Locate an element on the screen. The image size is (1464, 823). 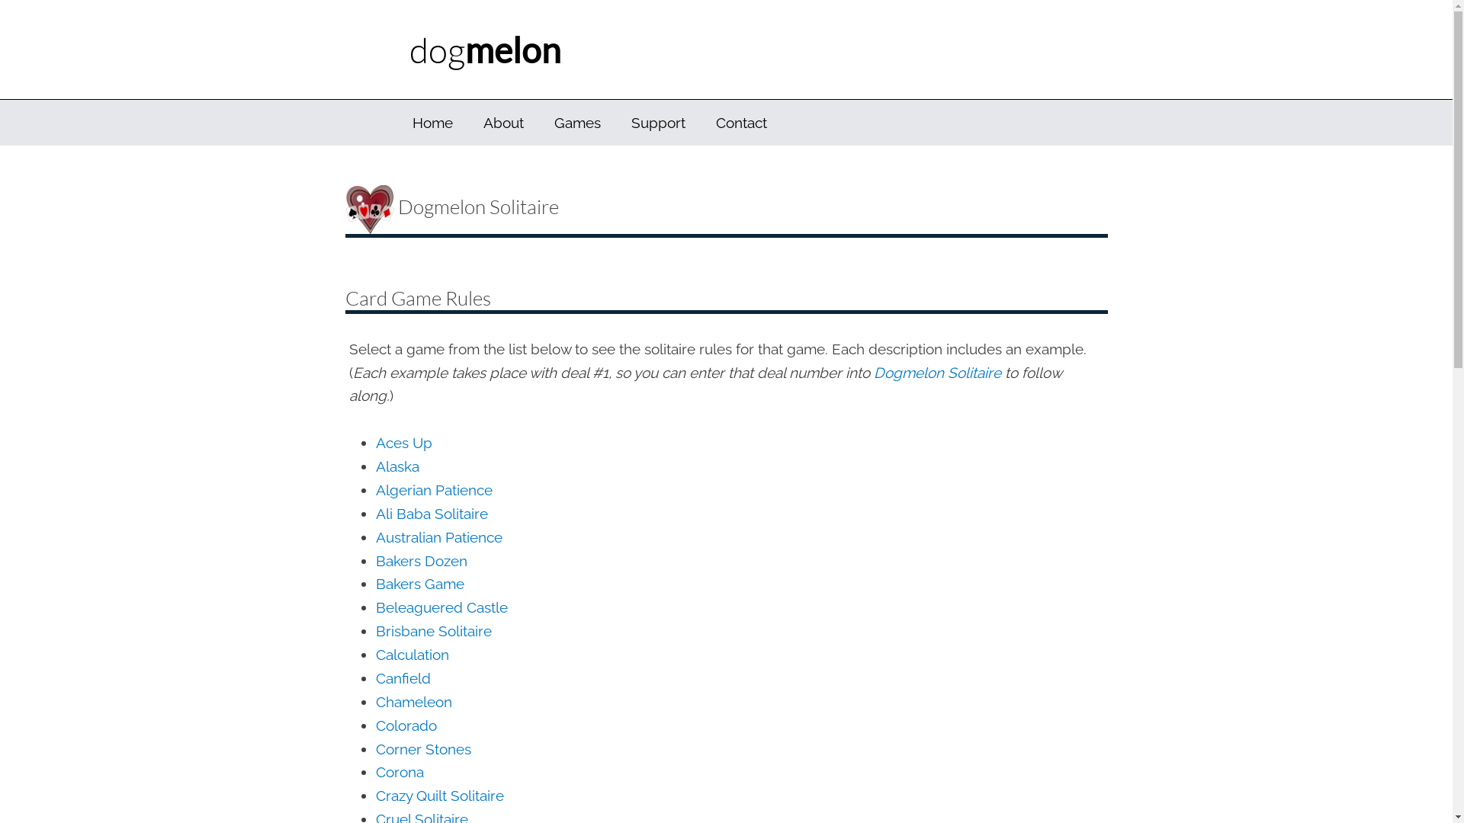
'Games' is located at coordinates (576, 122).